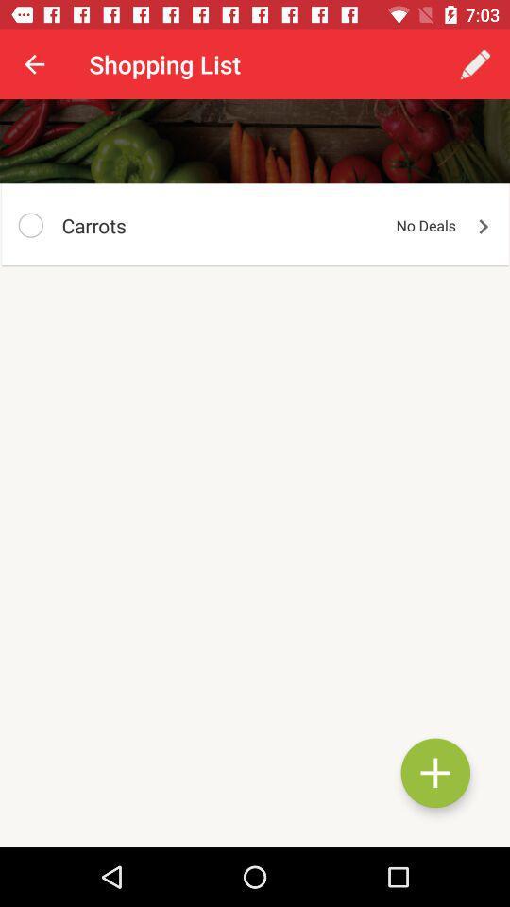  What do you see at coordinates (474, 64) in the screenshot?
I see `the app to the right of shopping list item` at bounding box center [474, 64].